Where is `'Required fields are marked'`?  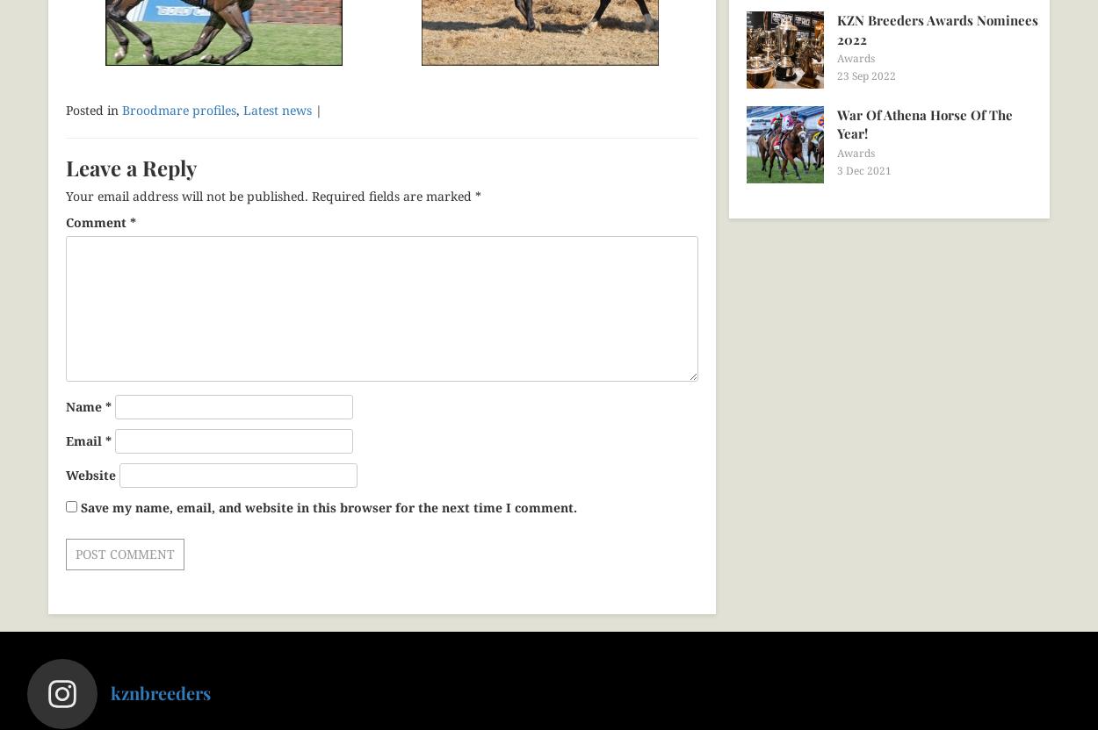 'Required fields are marked' is located at coordinates (393, 196).